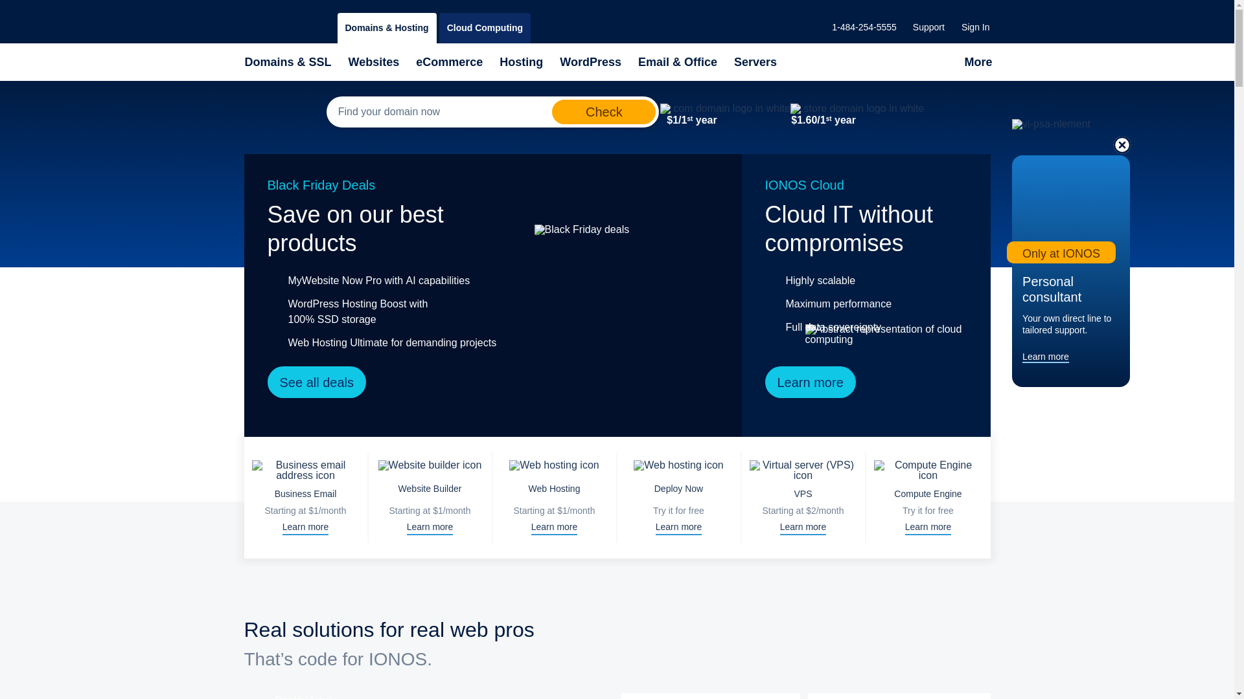 The height and width of the screenshot is (699, 1244). What do you see at coordinates (928, 27) in the screenshot?
I see `'Support'` at bounding box center [928, 27].